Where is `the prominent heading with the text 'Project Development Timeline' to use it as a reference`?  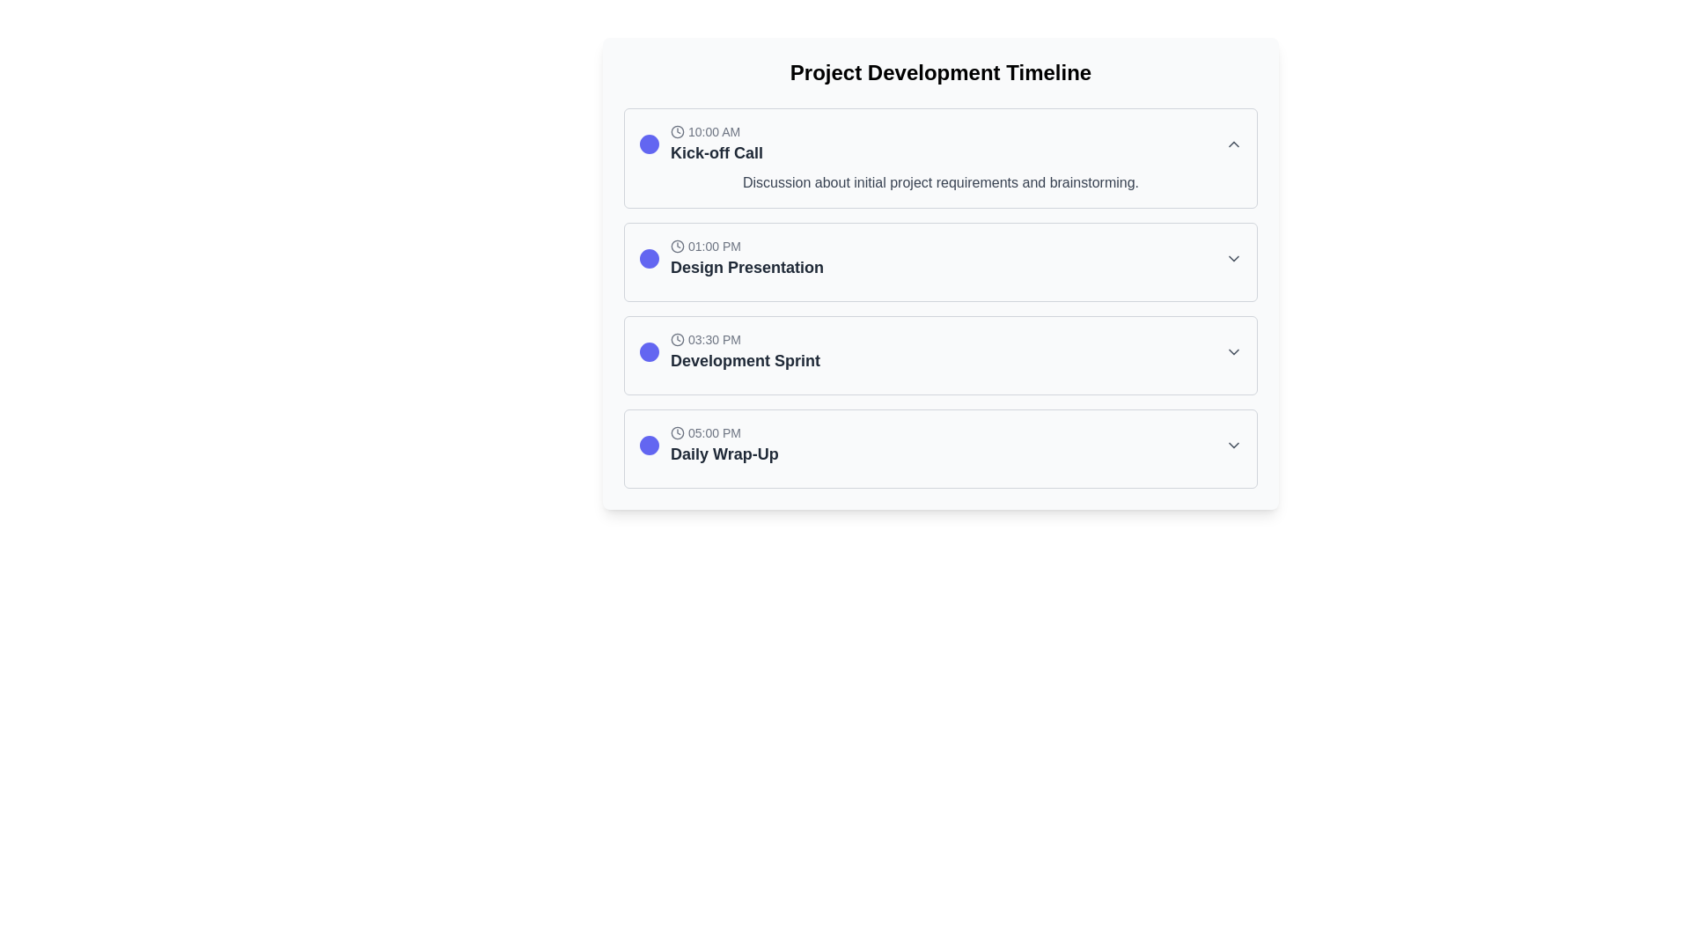 the prominent heading with the text 'Project Development Timeline' to use it as a reference is located at coordinates (940, 72).